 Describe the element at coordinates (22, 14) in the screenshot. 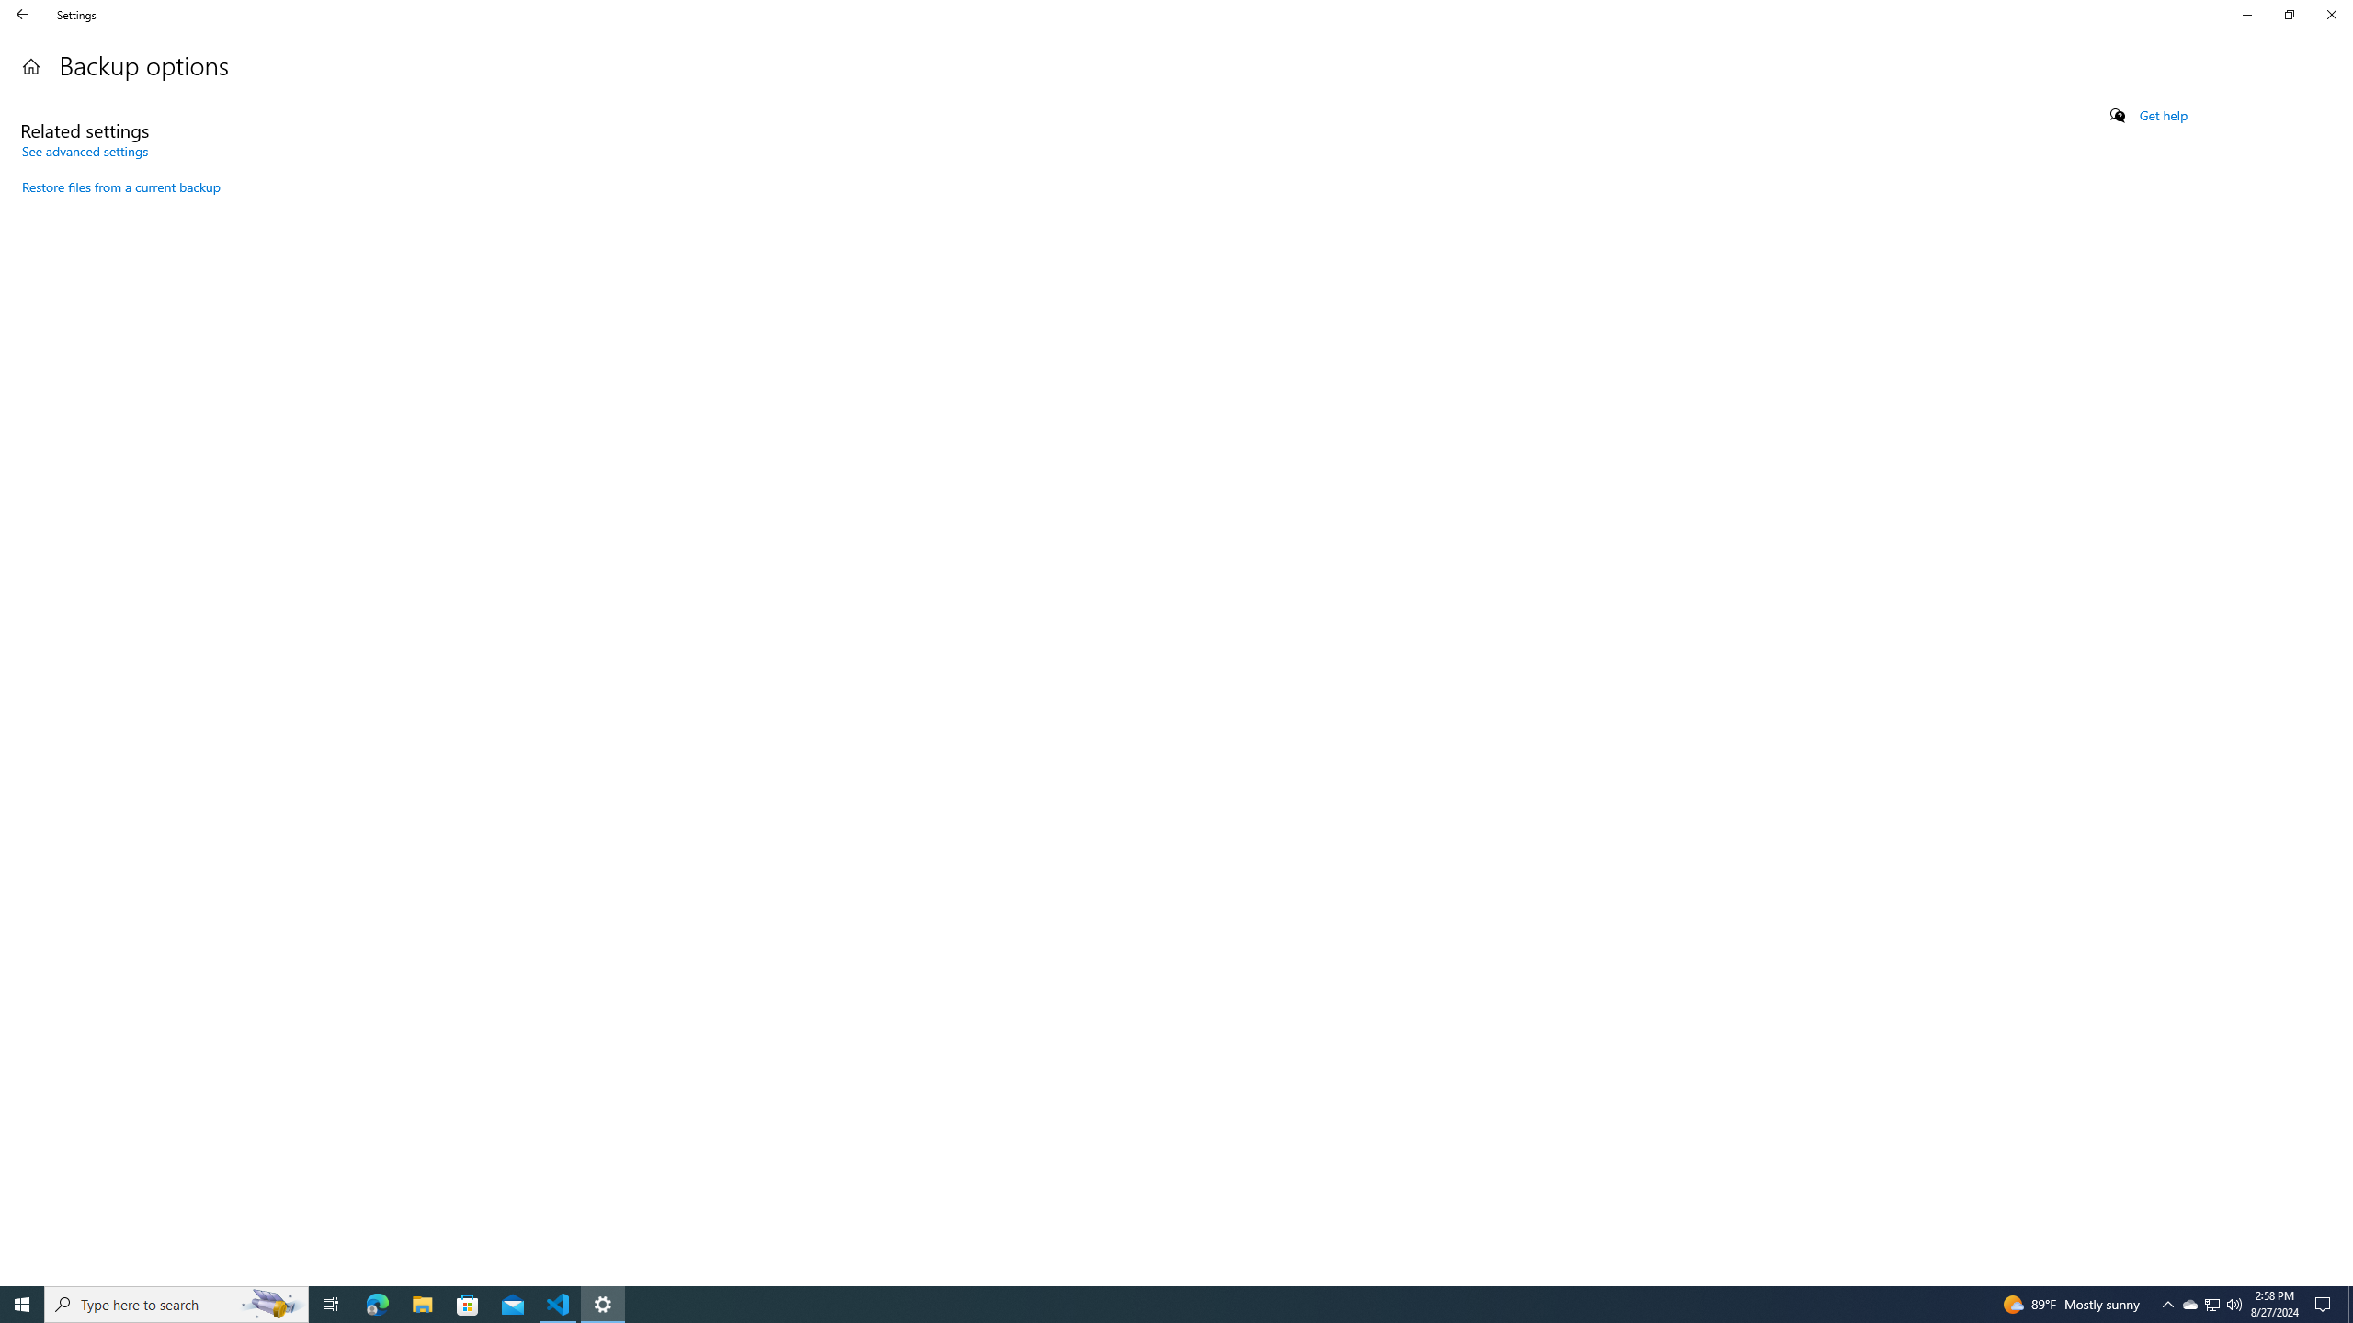

I see `'Back'` at that location.